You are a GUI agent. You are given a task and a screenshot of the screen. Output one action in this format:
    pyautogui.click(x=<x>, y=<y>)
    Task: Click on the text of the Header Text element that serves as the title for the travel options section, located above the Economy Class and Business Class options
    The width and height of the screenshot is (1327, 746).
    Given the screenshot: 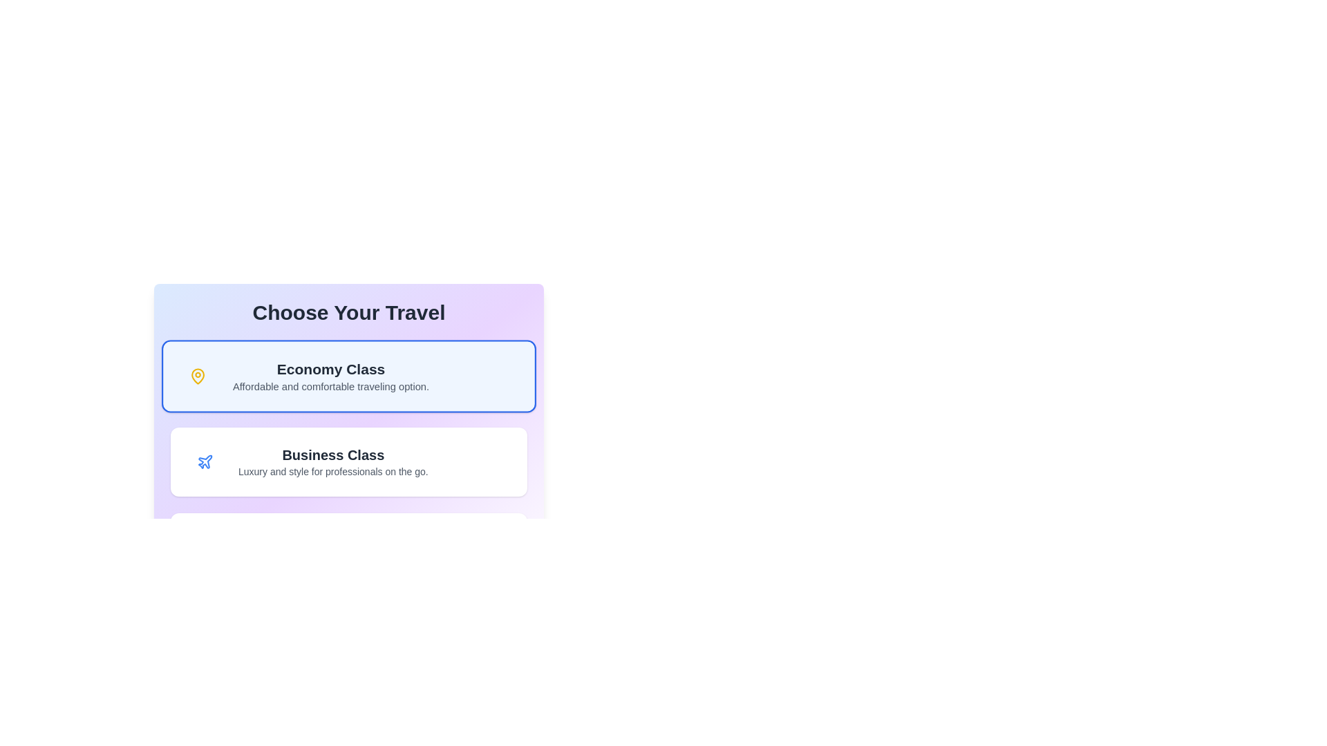 What is the action you would take?
    pyautogui.click(x=348, y=312)
    